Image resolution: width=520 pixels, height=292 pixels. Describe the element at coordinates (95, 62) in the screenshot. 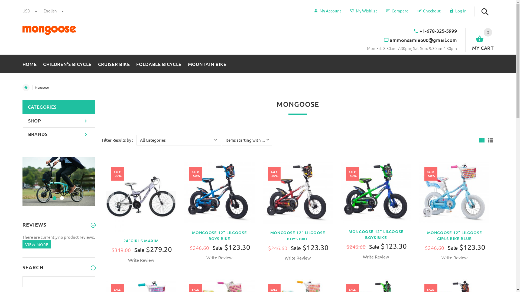

I see `'CRUISER BIKE'` at that location.